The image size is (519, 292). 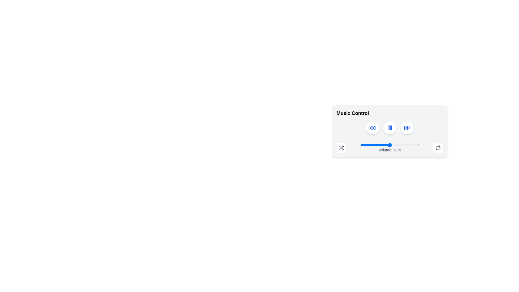 I want to click on the horizontal slider control with a blue thumb positioned at the 50% mark to change the volume, so click(x=390, y=145).